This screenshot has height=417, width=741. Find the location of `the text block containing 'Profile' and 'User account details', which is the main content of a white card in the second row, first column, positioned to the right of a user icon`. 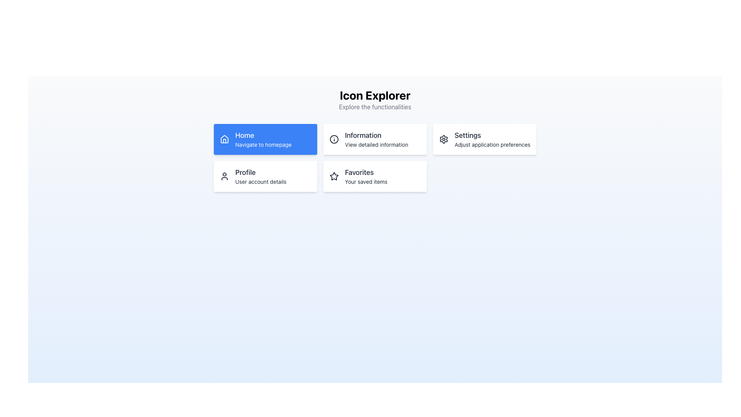

the text block containing 'Profile' and 'User account details', which is the main content of a white card in the second row, first column, positioned to the right of a user icon is located at coordinates (261, 176).